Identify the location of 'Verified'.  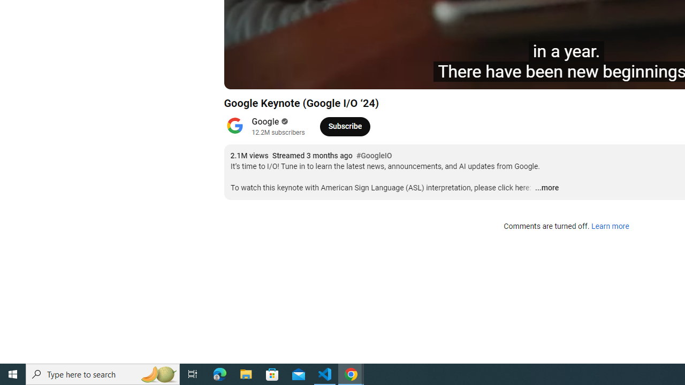
(284, 121).